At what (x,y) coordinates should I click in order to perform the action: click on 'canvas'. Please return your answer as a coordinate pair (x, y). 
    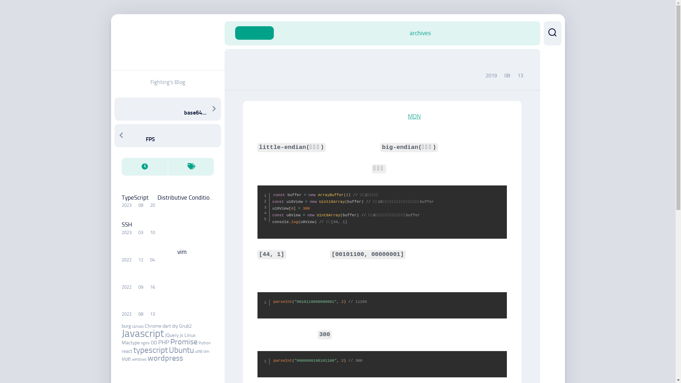
    Looking at the image, I should click on (138, 326).